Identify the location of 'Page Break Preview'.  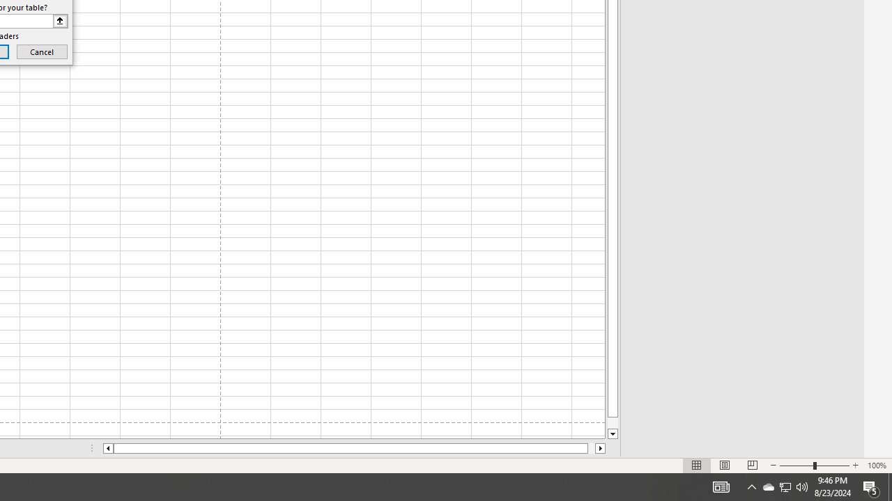
(751, 466).